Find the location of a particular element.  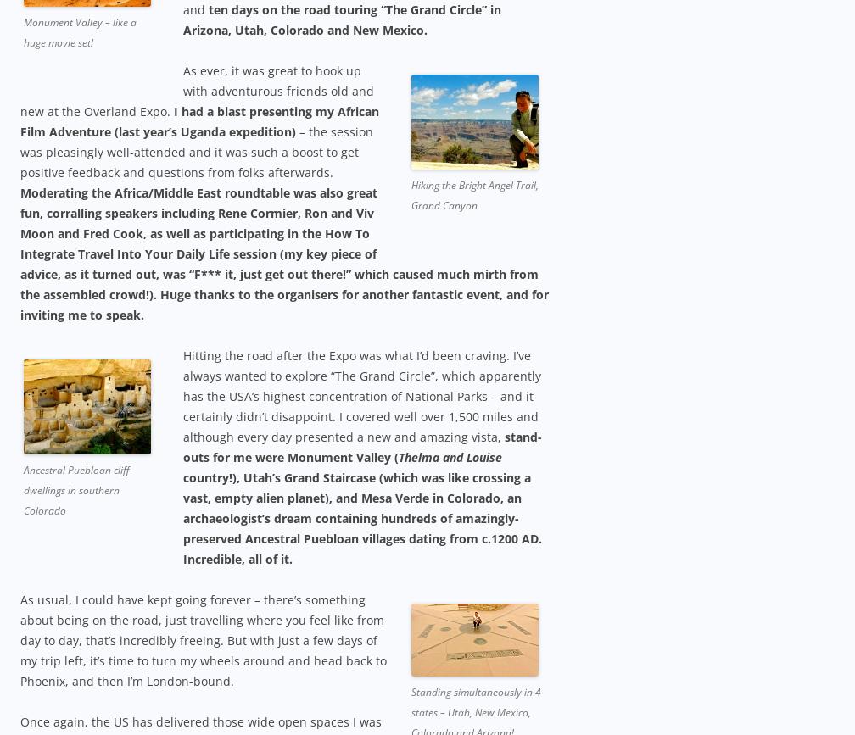

'Moderating the Africa/Middle East roundtable was also great fun, corralling speakers including Rene Cormier, Ron and Viv Moon and Fred Cook, as well as participating in the How To Integrate Travel Into Your Daily Life session (my key piece of advice, as it turned out, was “F*** it, just get out there!” which caused much mirth from the assembled crowd!). Huge thanks to the organisers for another fantastic event, and for inviting me to speak.' is located at coordinates (284, 253).